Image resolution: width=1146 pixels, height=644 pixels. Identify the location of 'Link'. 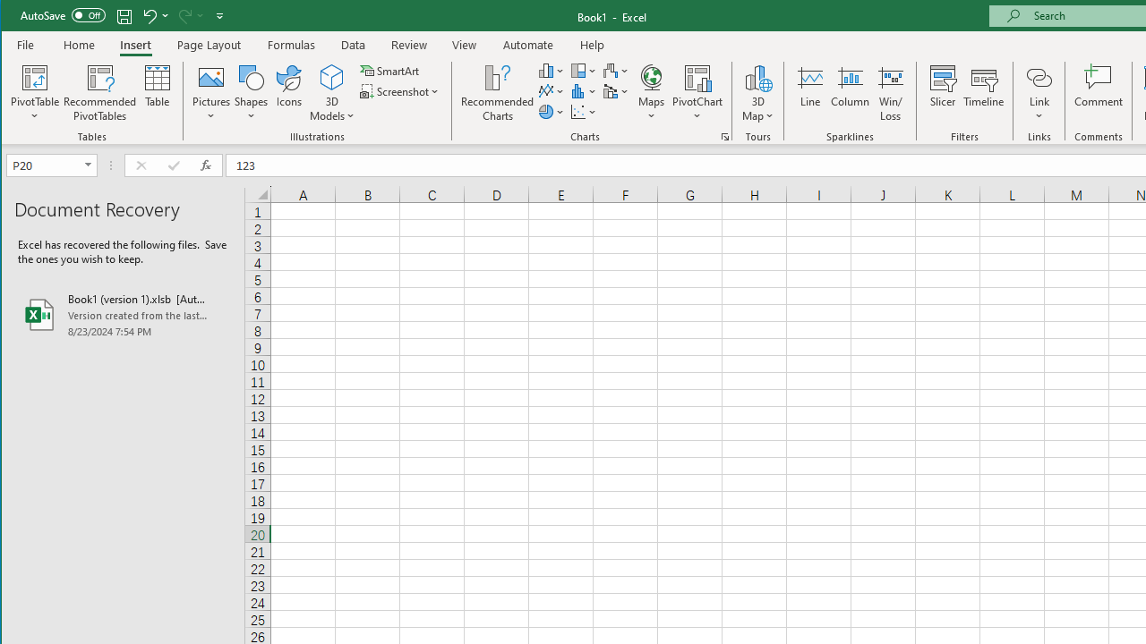
(1039, 93).